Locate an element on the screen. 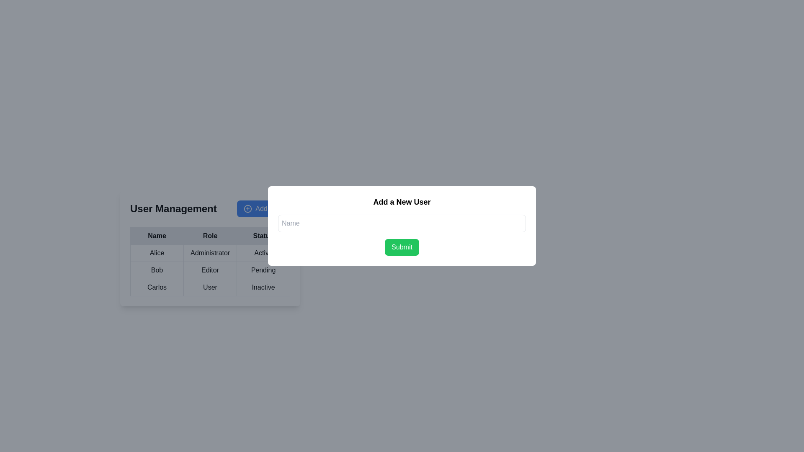 This screenshot has width=804, height=452. the static text element that indicates the user role 'Editor' for the row containing 'Bob' in the 'Name' column and 'Pending' in the 'Status' column is located at coordinates (210, 270).